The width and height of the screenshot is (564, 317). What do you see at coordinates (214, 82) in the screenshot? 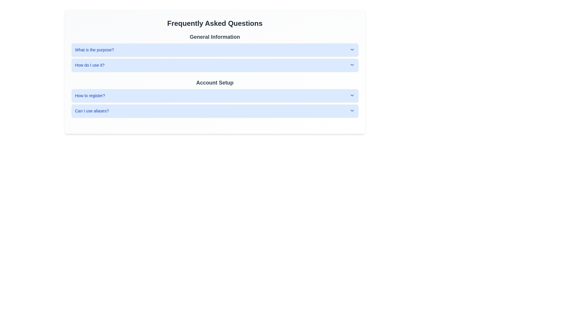
I see `the static text element labeled 'Account Setup', which is styled in bold with a larger gray font and is the title of the second accordion menu item` at bounding box center [214, 82].